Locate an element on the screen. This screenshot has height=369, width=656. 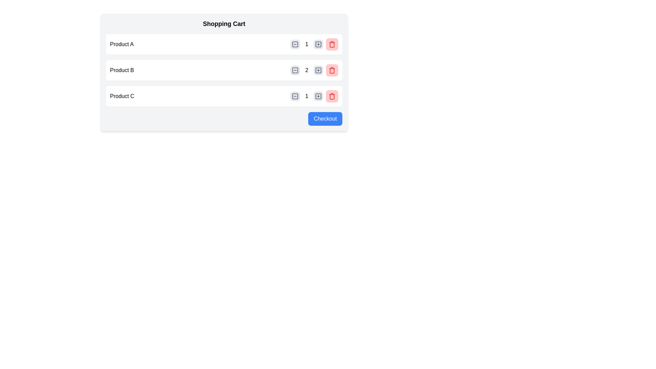
the remove button in the shopping cart is located at coordinates (332, 44).